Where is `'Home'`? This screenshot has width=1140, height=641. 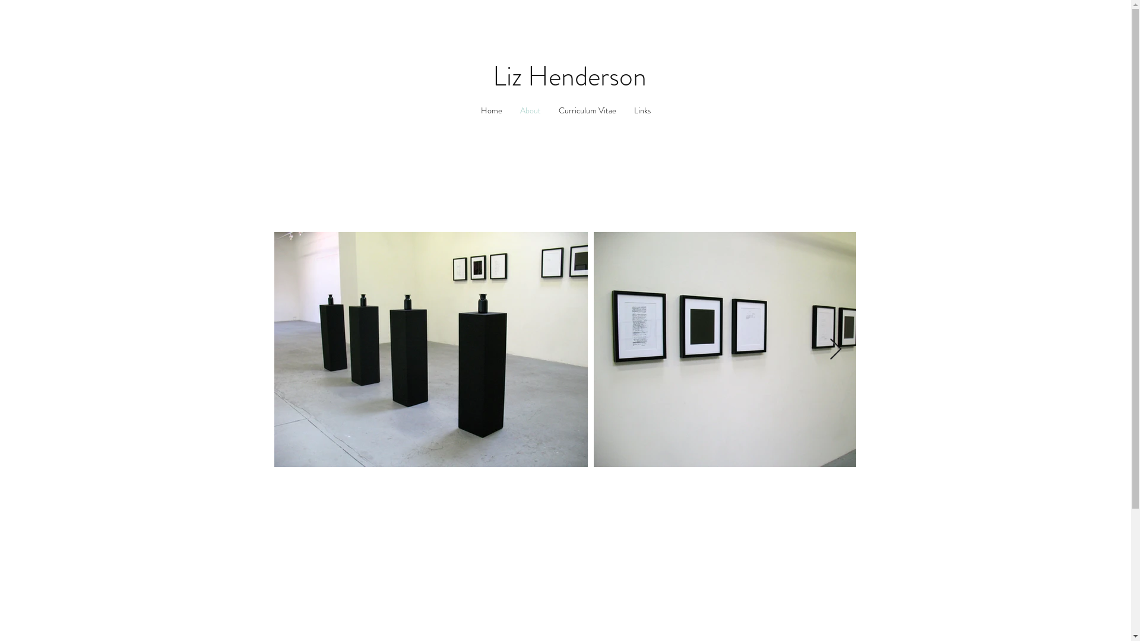 'Home' is located at coordinates (470, 110).